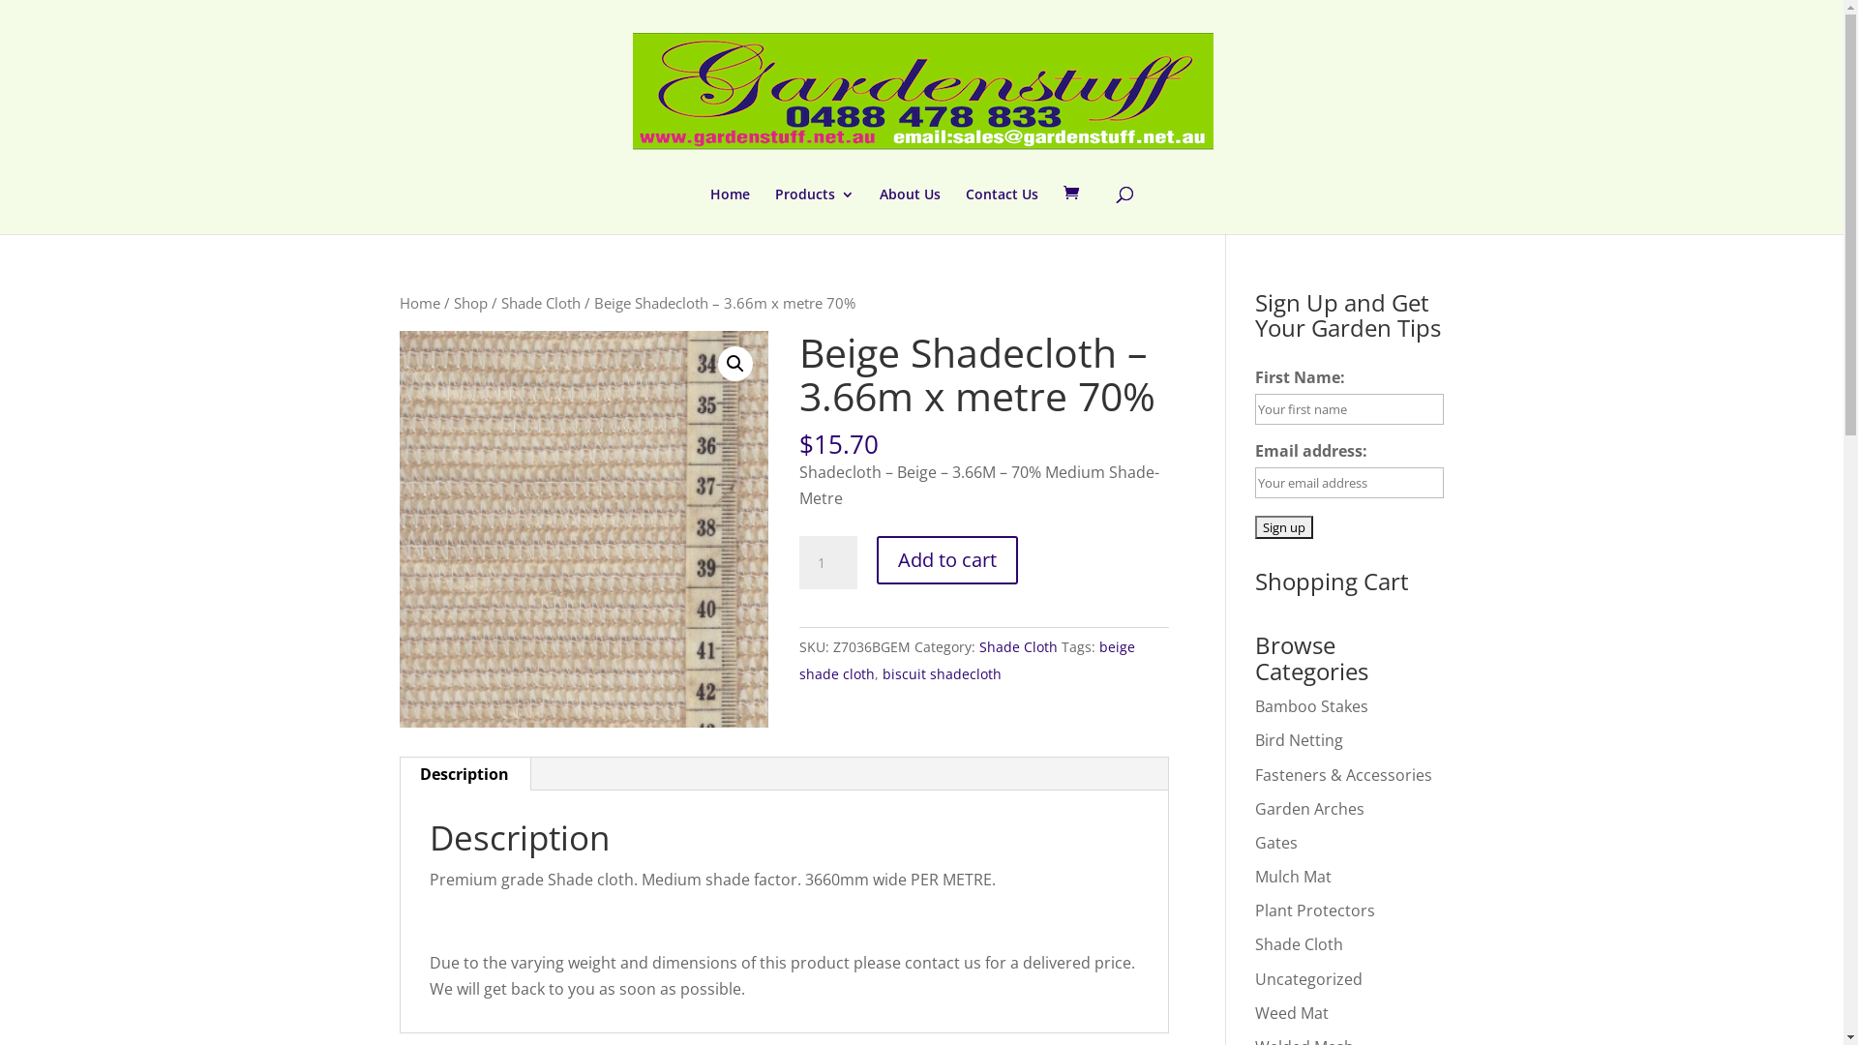 Image resolution: width=1858 pixels, height=1045 pixels. I want to click on 'Home', so click(729, 211).